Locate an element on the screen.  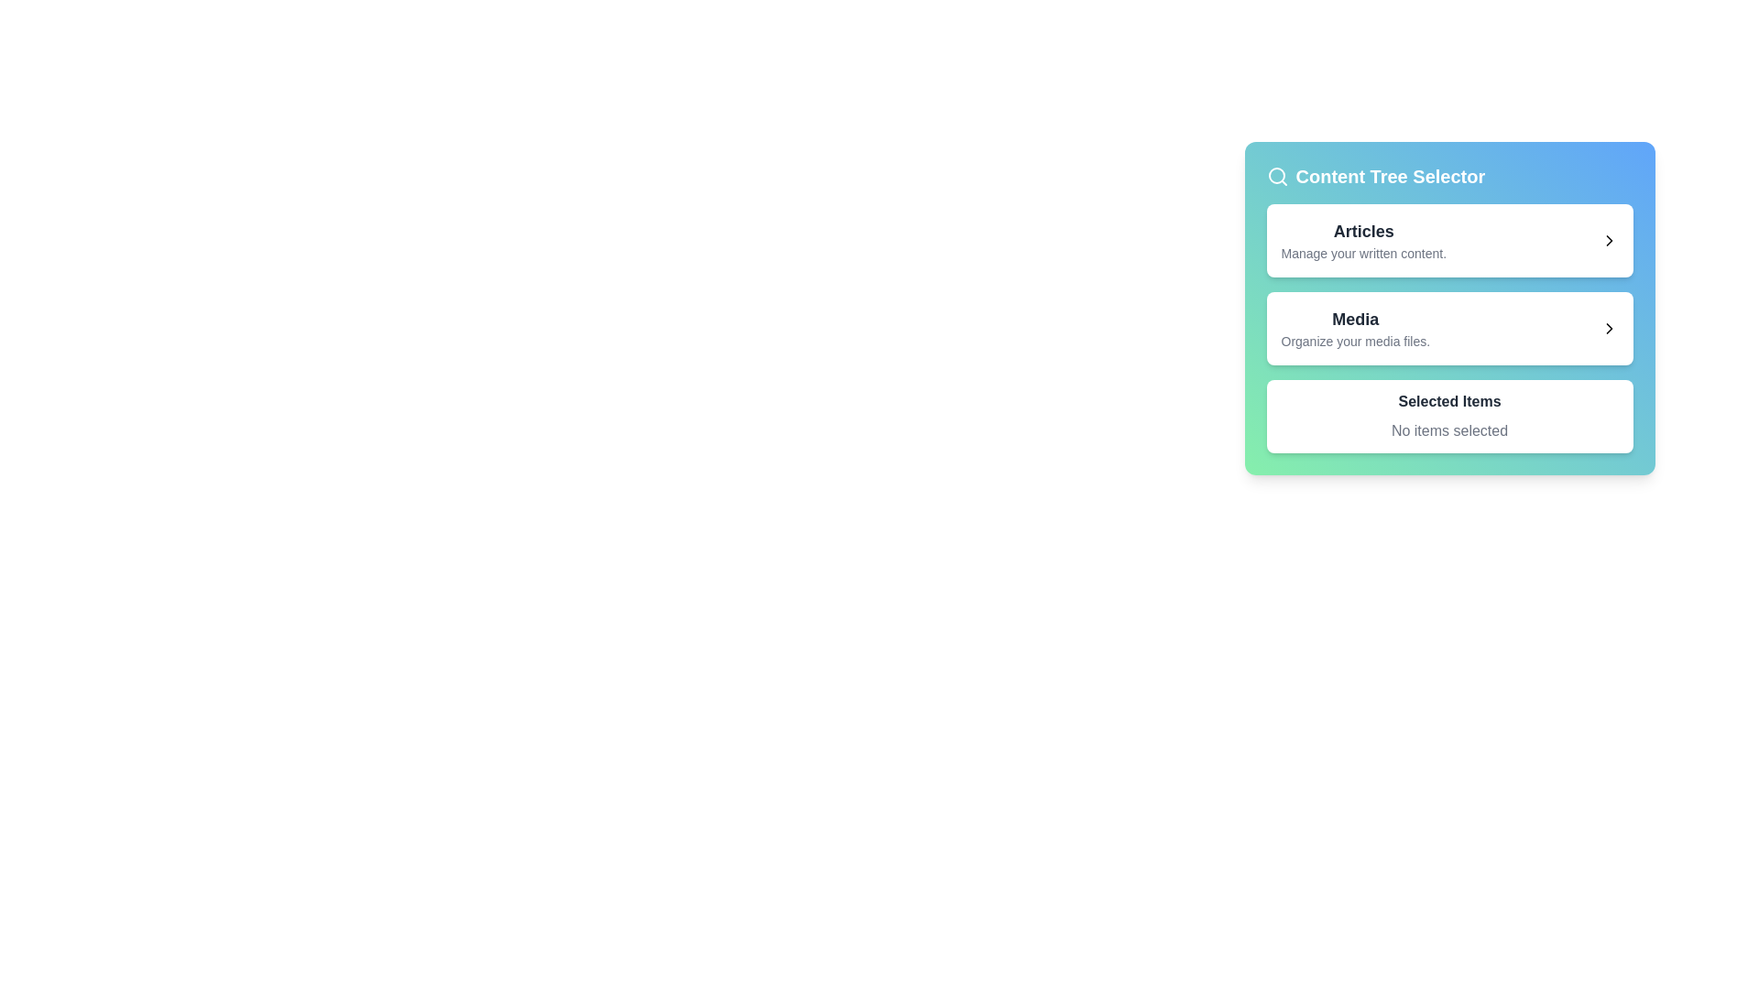
the decorative circular shape located at the center of the magnifying glass portion of the search icon in the top-left corner of the 'Content Tree Selector' panel is located at coordinates (1275, 176).